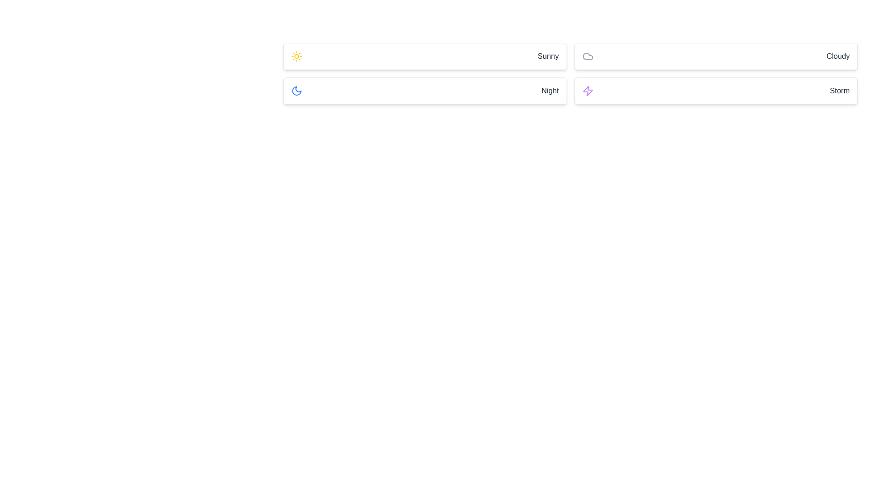  Describe the element at coordinates (587, 91) in the screenshot. I see `the stylized lightning bolt icon outlined in purple located in the lower right section of the interface within the 'Storm' card` at that location.